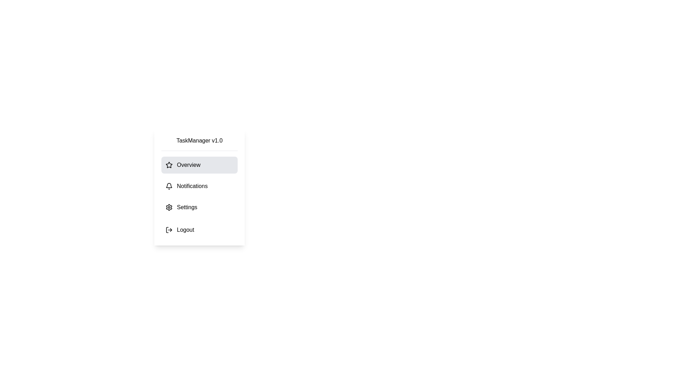 This screenshot has width=678, height=381. Describe the element at coordinates (199, 186) in the screenshot. I see `the 'Notifications' button in the vertical navigation menu, which is located in the middle left section of the sidebar panel` at that location.